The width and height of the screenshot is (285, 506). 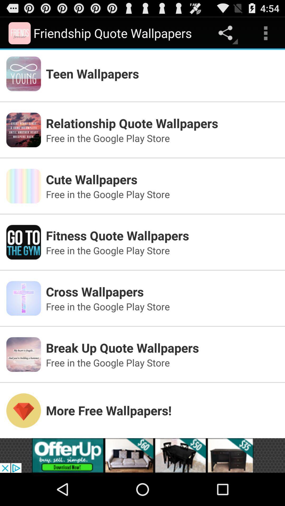 What do you see at coordinates (142, 455) in the screenshot?
I see `advertisement source` at bounding box center [142, 455].